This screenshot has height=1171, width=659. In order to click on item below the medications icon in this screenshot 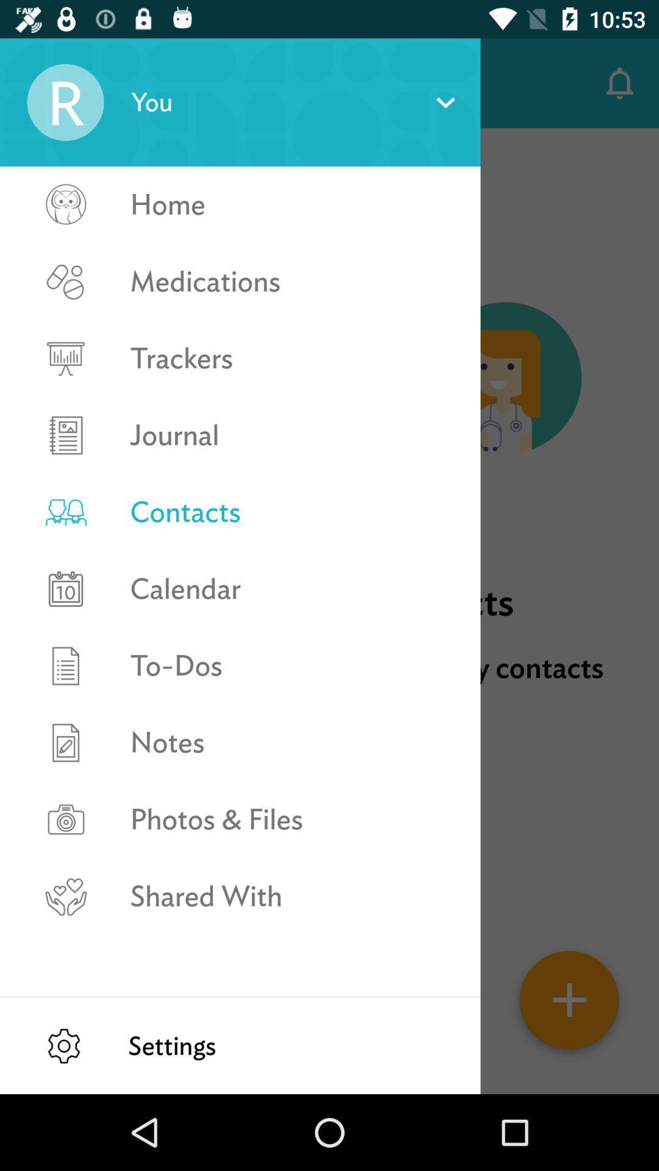, I will do `click(292, 357)`.